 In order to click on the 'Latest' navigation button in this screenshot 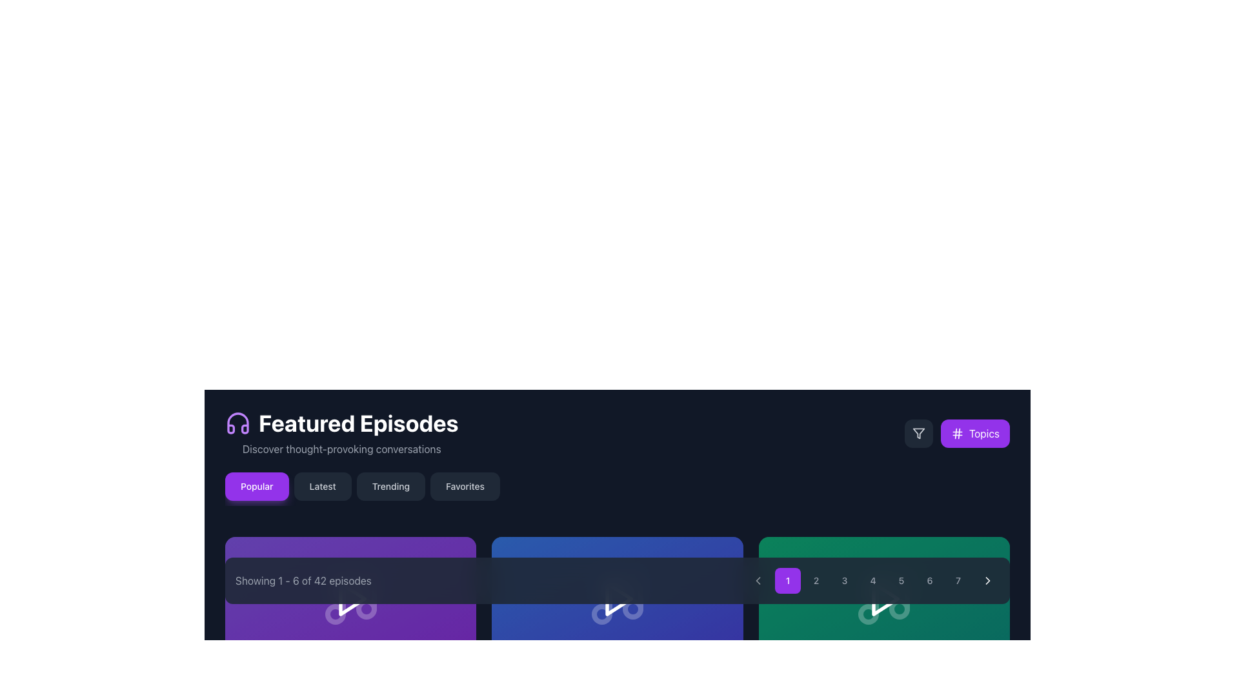, I will do `click(323, 486)`.